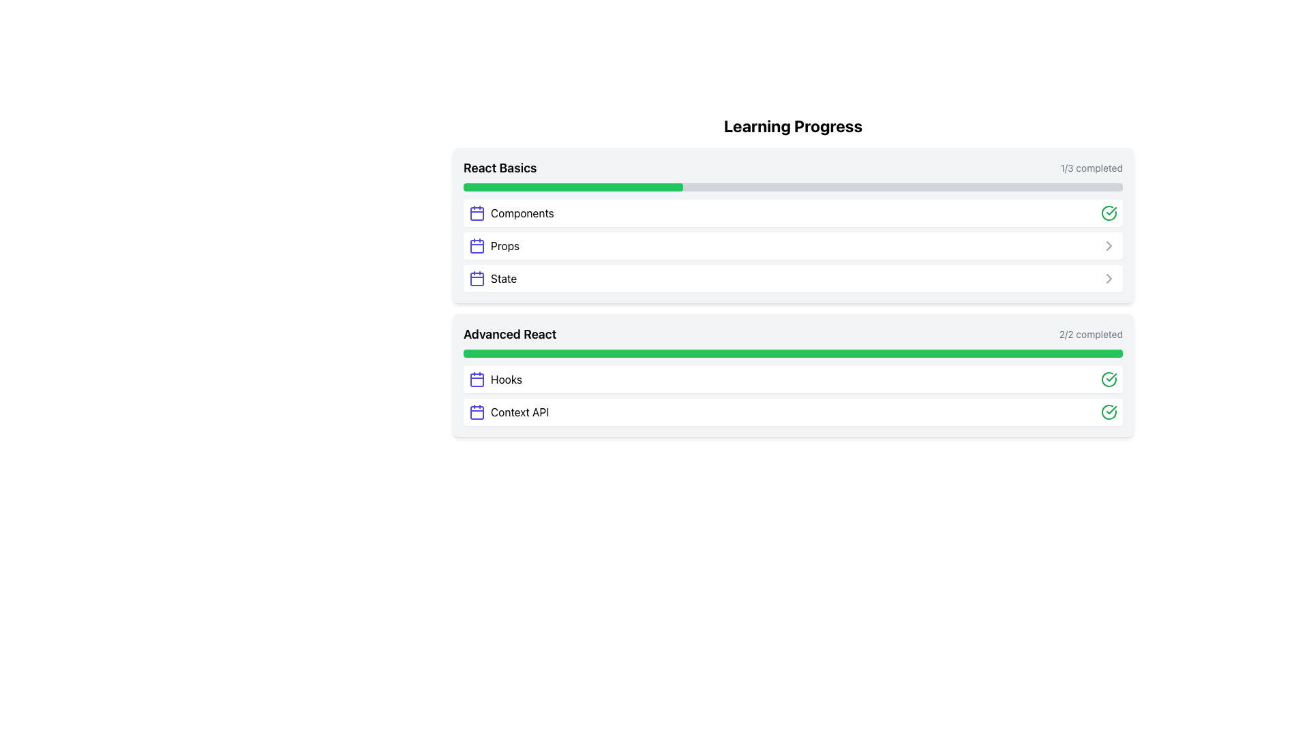 The image size is (1309, 736). What do you see at coordinates (499, 167) in the screenshot?
I see `text content of the bold label displaying 'React Basics' located at the top-left corner of the first section, near the green progress bar` at bounding box center [499, 167].